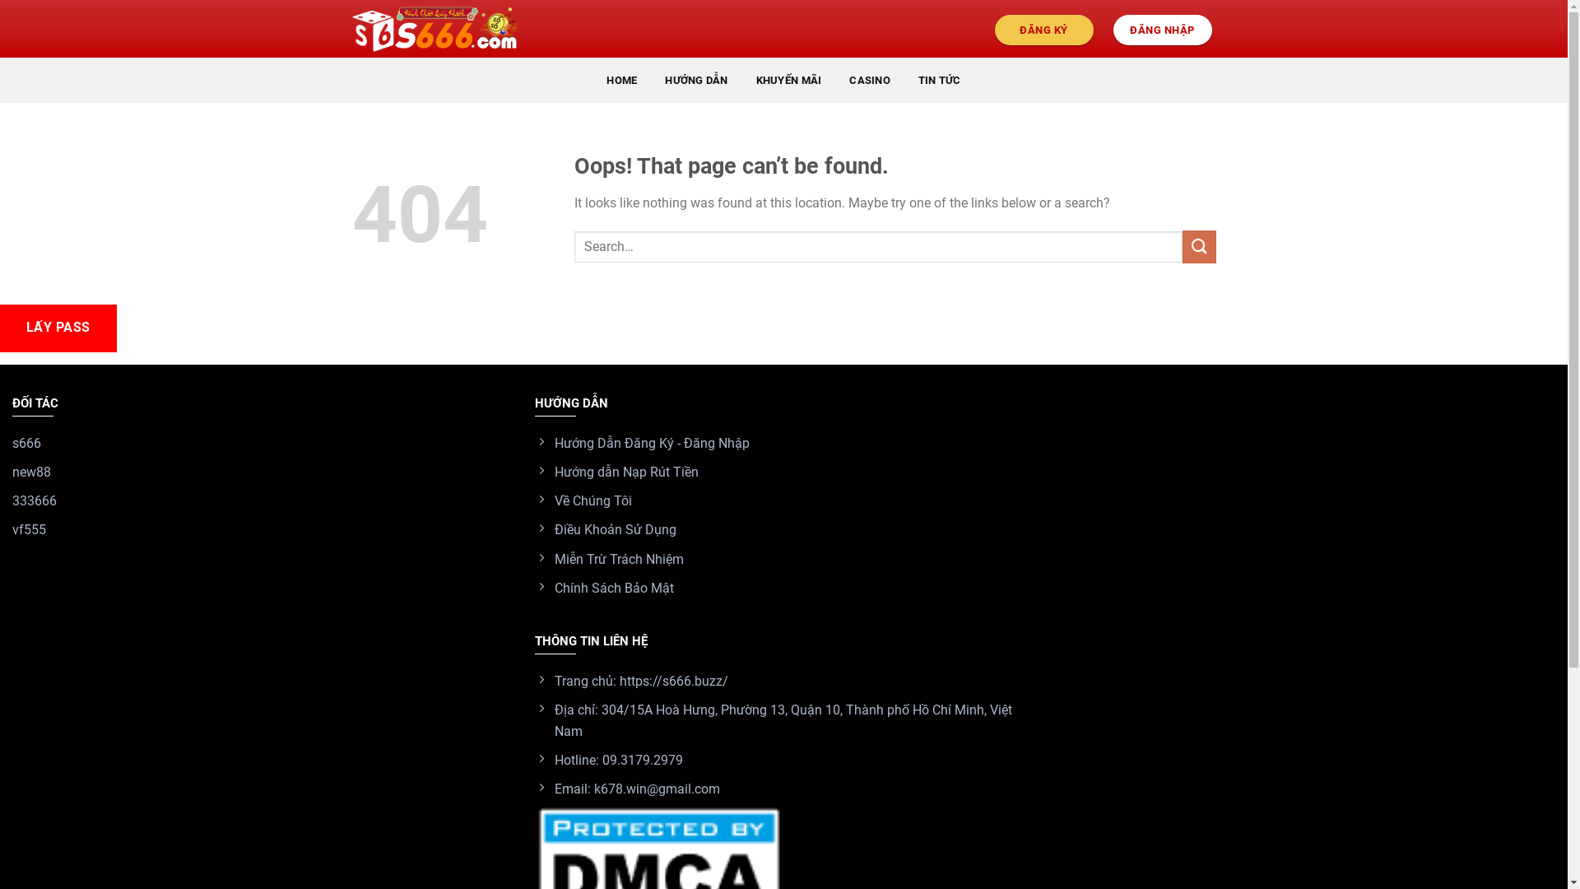 The width and height of the screenshot is (1580, 889). I want to click on 'CASINO', so click(868, 80).